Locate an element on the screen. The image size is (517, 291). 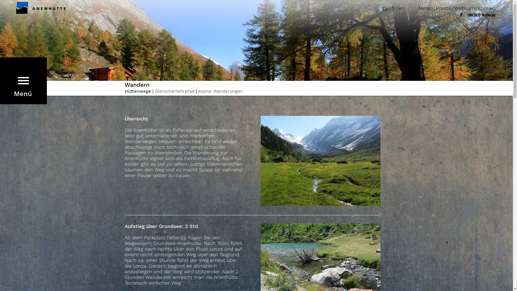
'de' is located at coordinates (385, 8).